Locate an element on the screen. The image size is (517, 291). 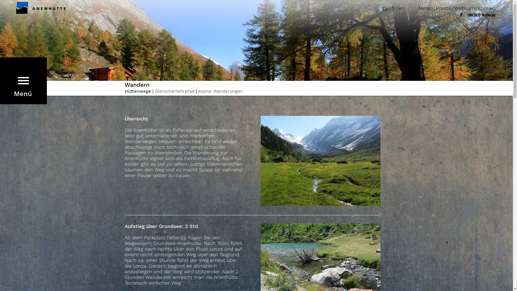
'de' is located at coordinates (385, 8).